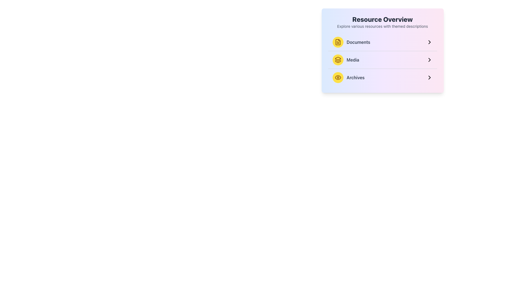 Image resolution: width=523 pixels, height=294 pixels. What do you see at coordinates (382, 60) in the screenshot?
I see `the second item in the vertical list within the 'Resource Overview' section, which serves as a navigational link to the 'Media' section` at bounding box center [382, 60].